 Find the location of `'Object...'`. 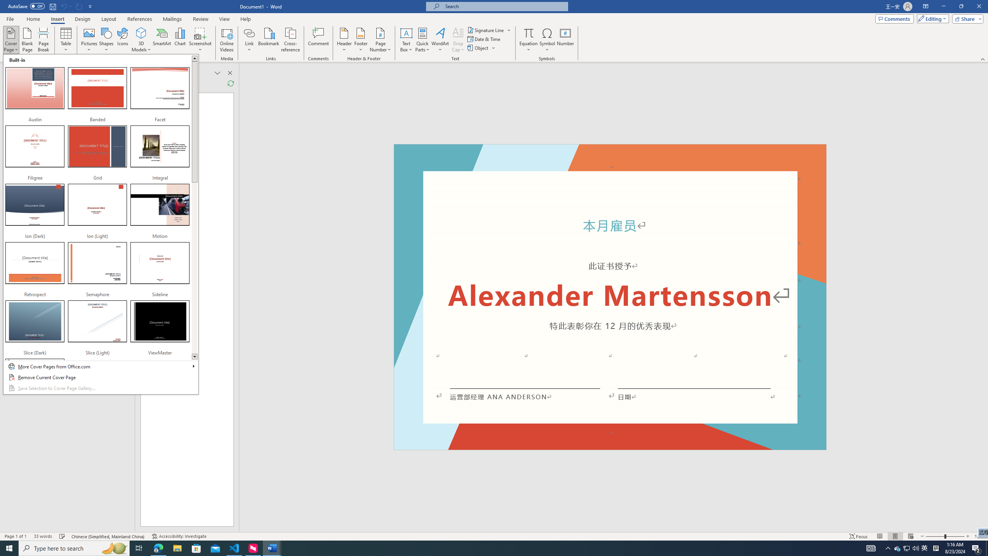

'Object...' is located at coordinates (481, 47).